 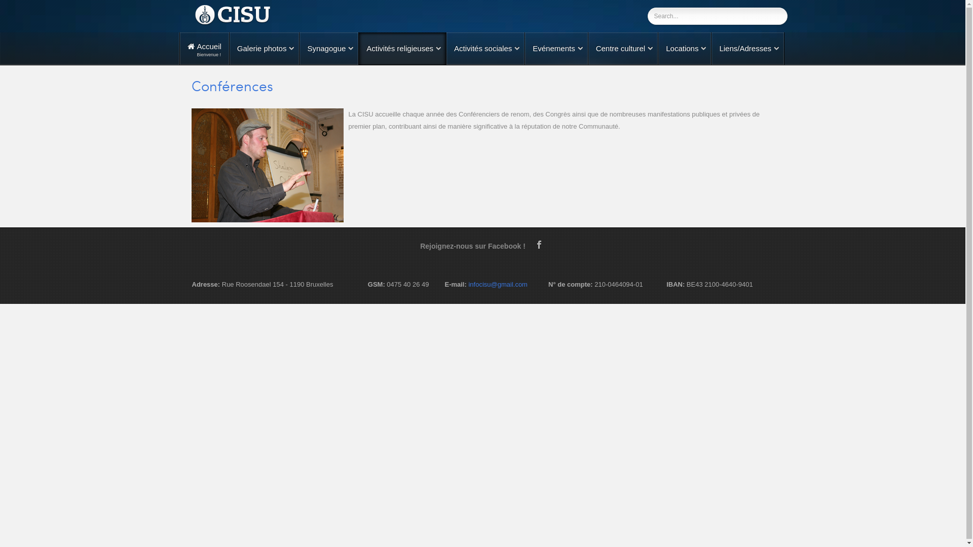 What do you see at coordinates (710, 49) in the screenshot?
I see `'Liens/Adresses'` at bounding box center [710, 49].